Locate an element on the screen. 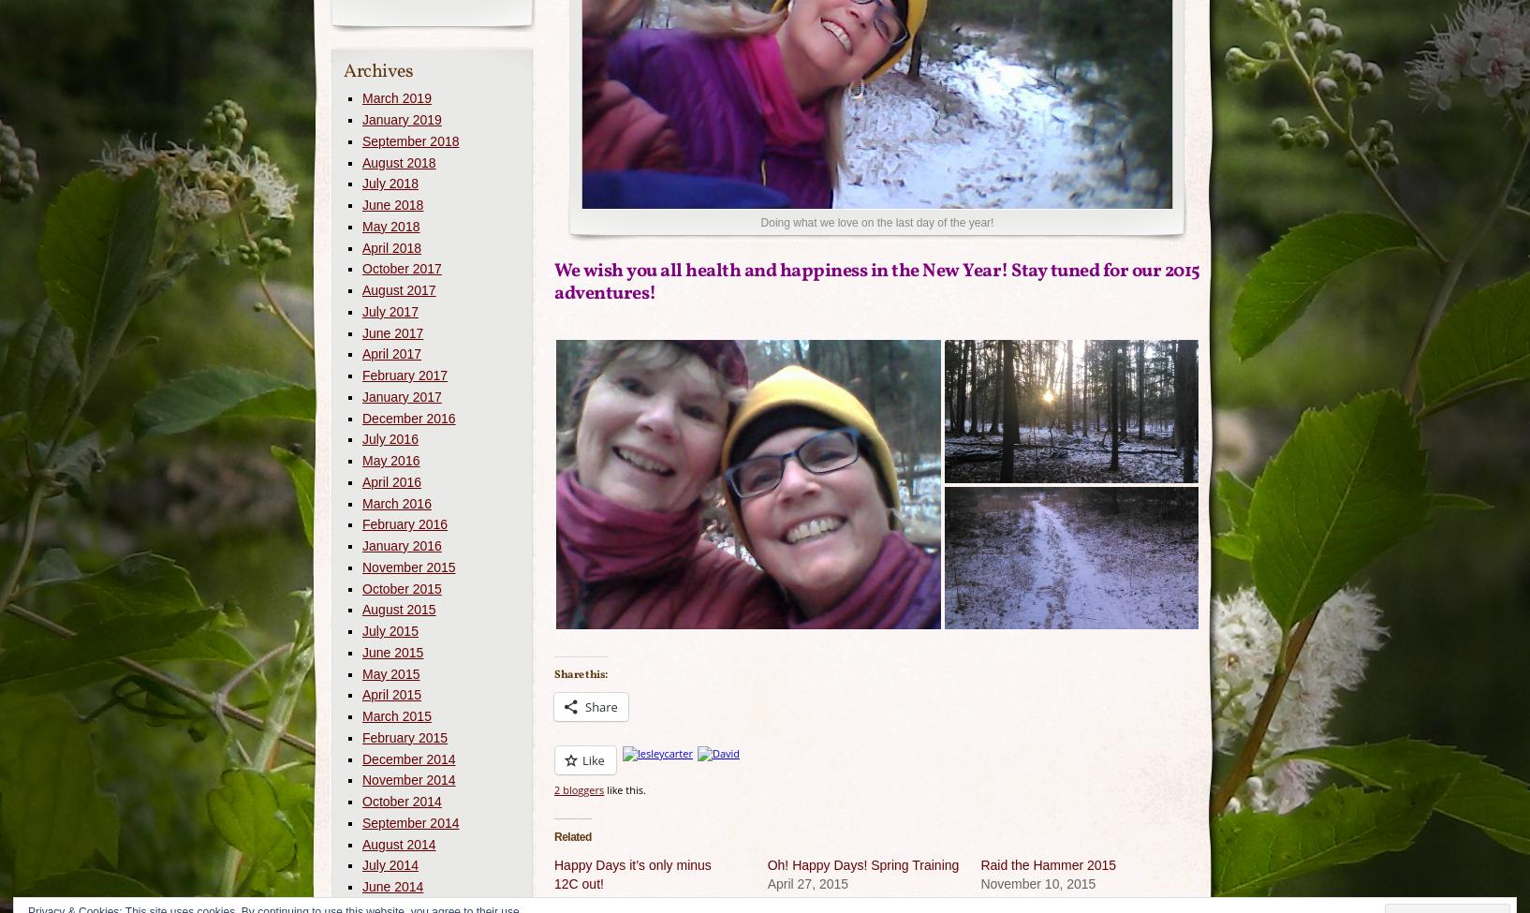  'June 2018' is located at coordinates (392, 204).